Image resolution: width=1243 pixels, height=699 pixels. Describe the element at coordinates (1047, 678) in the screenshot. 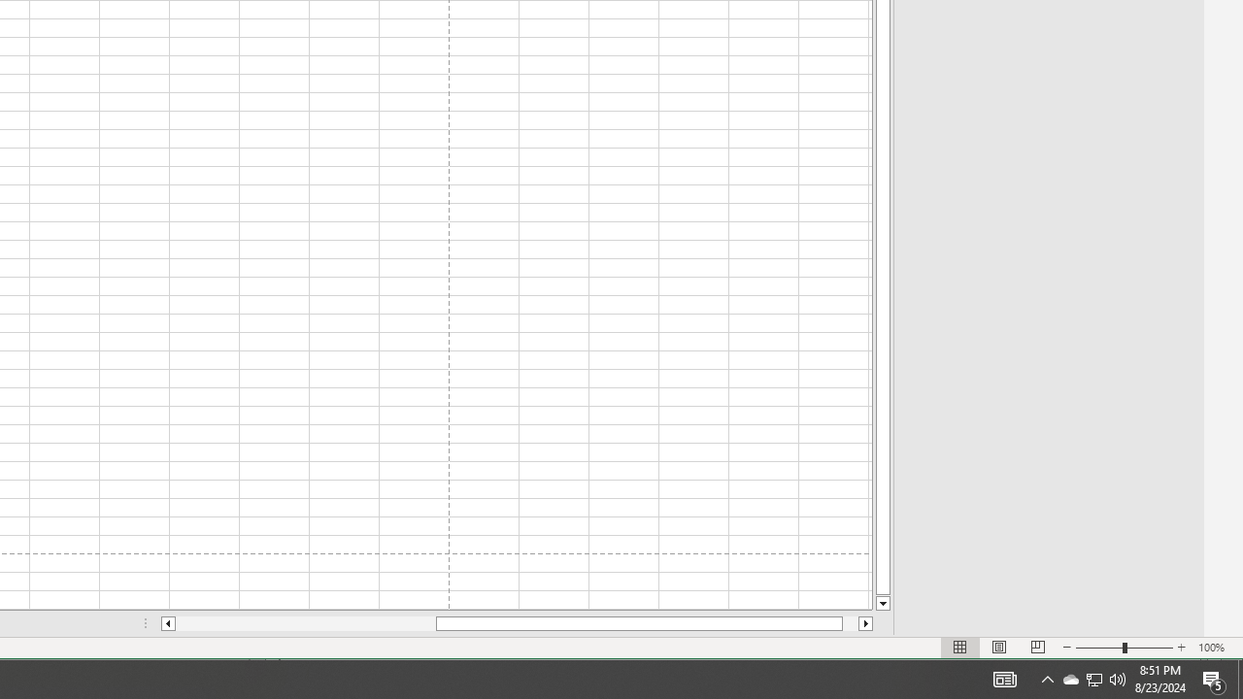

I see `'Notification Chevron'` at that location.